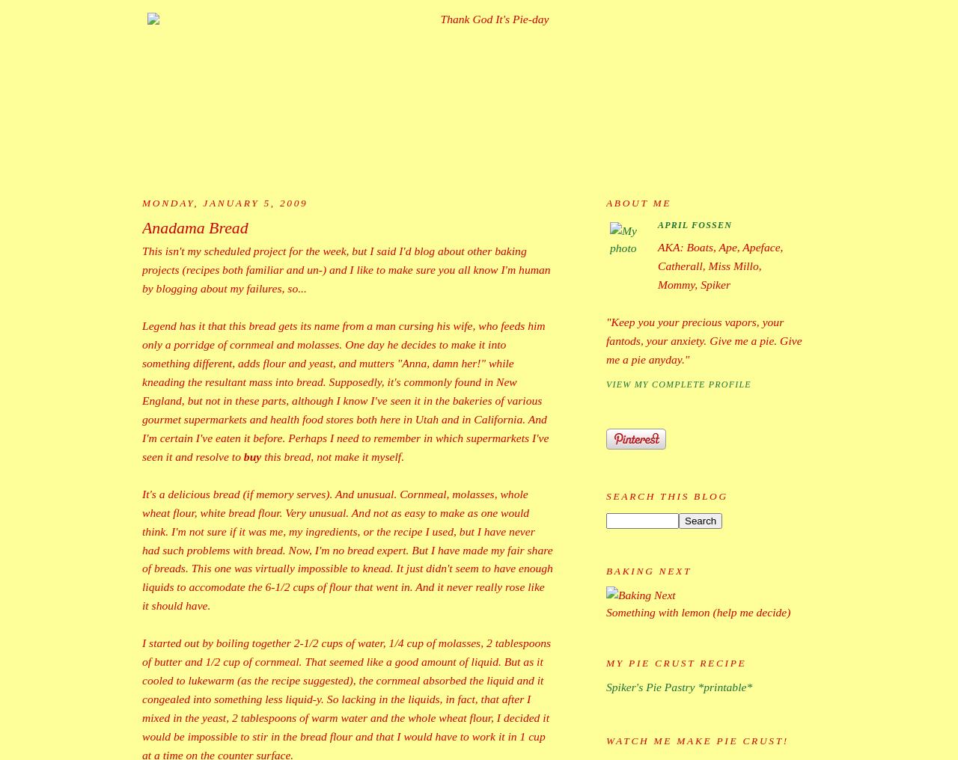 This screenshot has height=760, width=958. I want to click on 'Mommy, Spiker', so click(693, 284).